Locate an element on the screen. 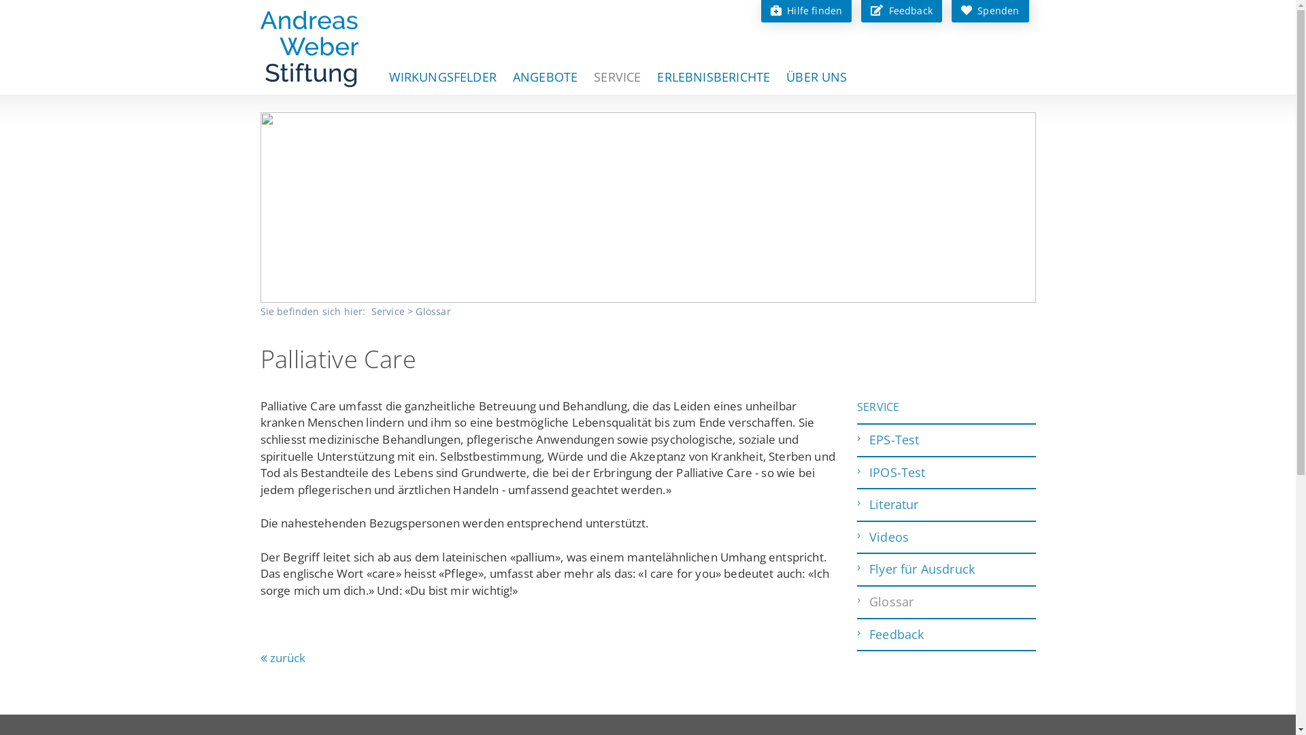 This screenshot has height=735, width=1306. 'Literatur' is located at coordinates (945, 504).